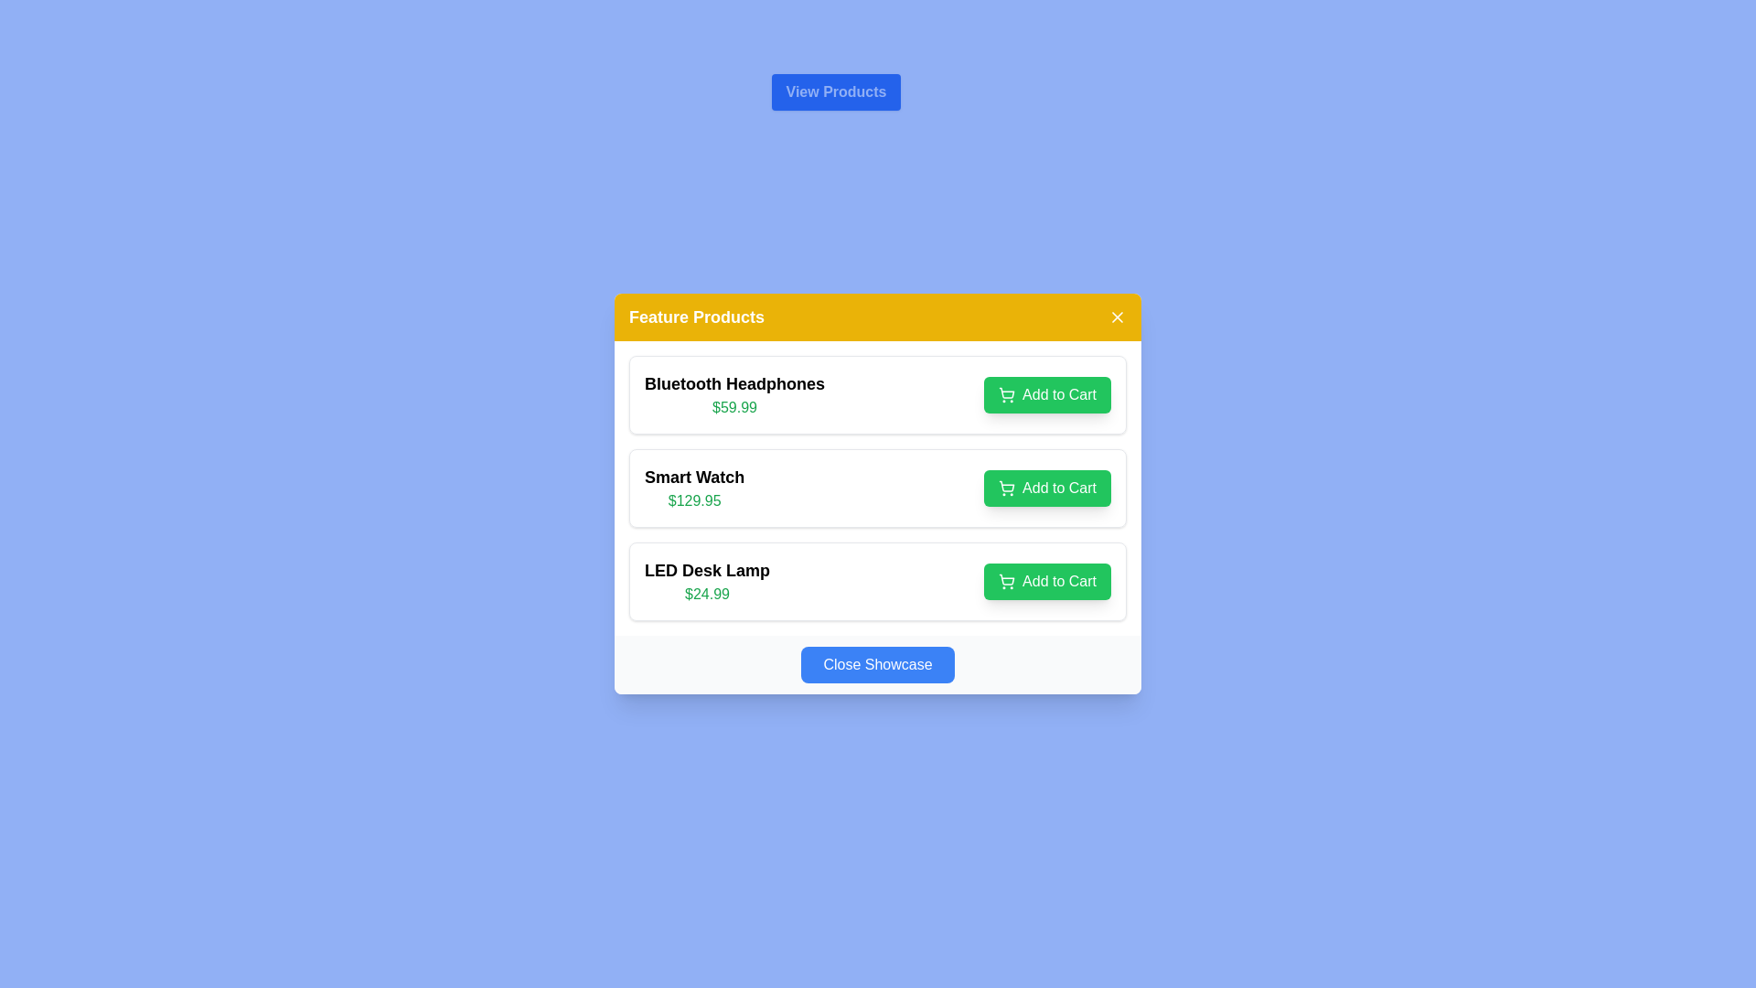 This screenshot has height=988, width=1756. I want to click on product name and price displayed on the first product display card for 'Bluetooth Headphones' located at the top of the vertical list within the modal dialog, so click(734, 394).